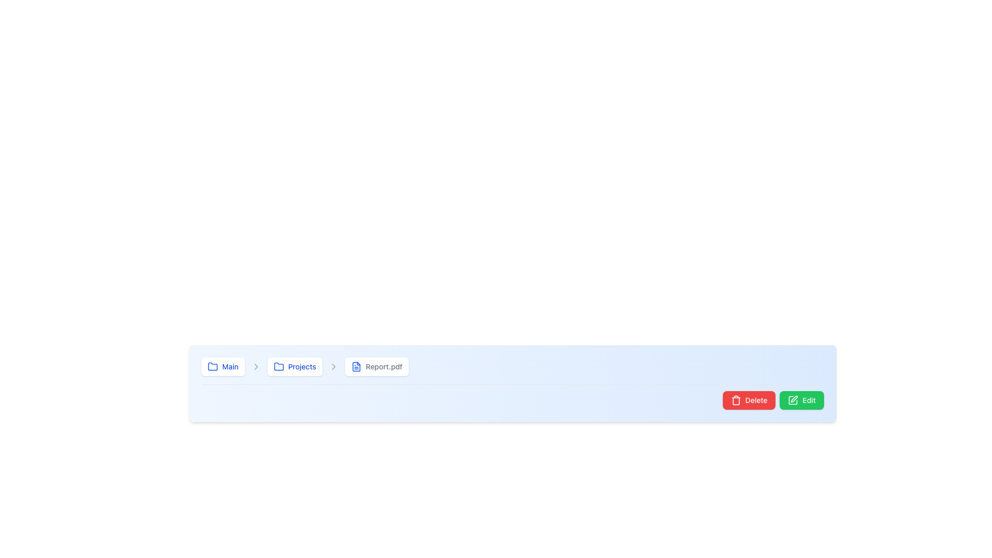 Image resolution: width=992 pixels, height=558 pixels. What do you see at coordinates (294, 366) in the screenshot?
I see `the 'Projects' navigation link in the breadcrumb navigation bar` at bounding box center [294, 366].